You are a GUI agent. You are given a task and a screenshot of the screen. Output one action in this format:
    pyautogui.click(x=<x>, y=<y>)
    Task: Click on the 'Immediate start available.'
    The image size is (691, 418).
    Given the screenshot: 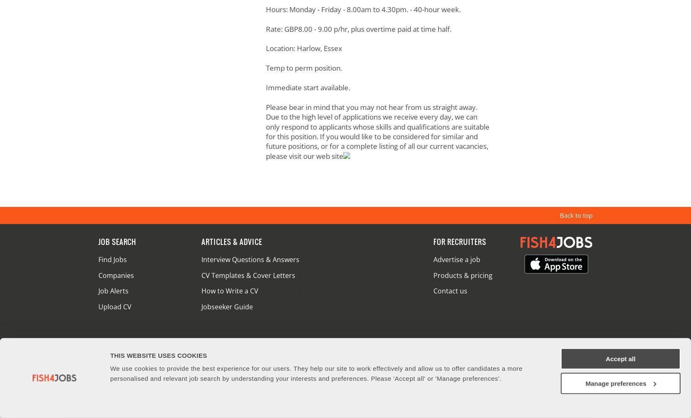 What is the action you would take?
    pyautogui.click(x=307, y=87)
    